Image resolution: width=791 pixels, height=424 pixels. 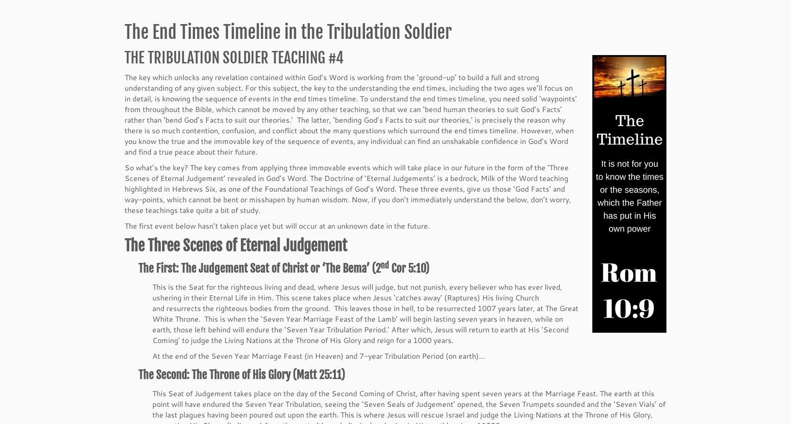 I want to click on 'Cor 5:10)', so click(x=408, y=269).